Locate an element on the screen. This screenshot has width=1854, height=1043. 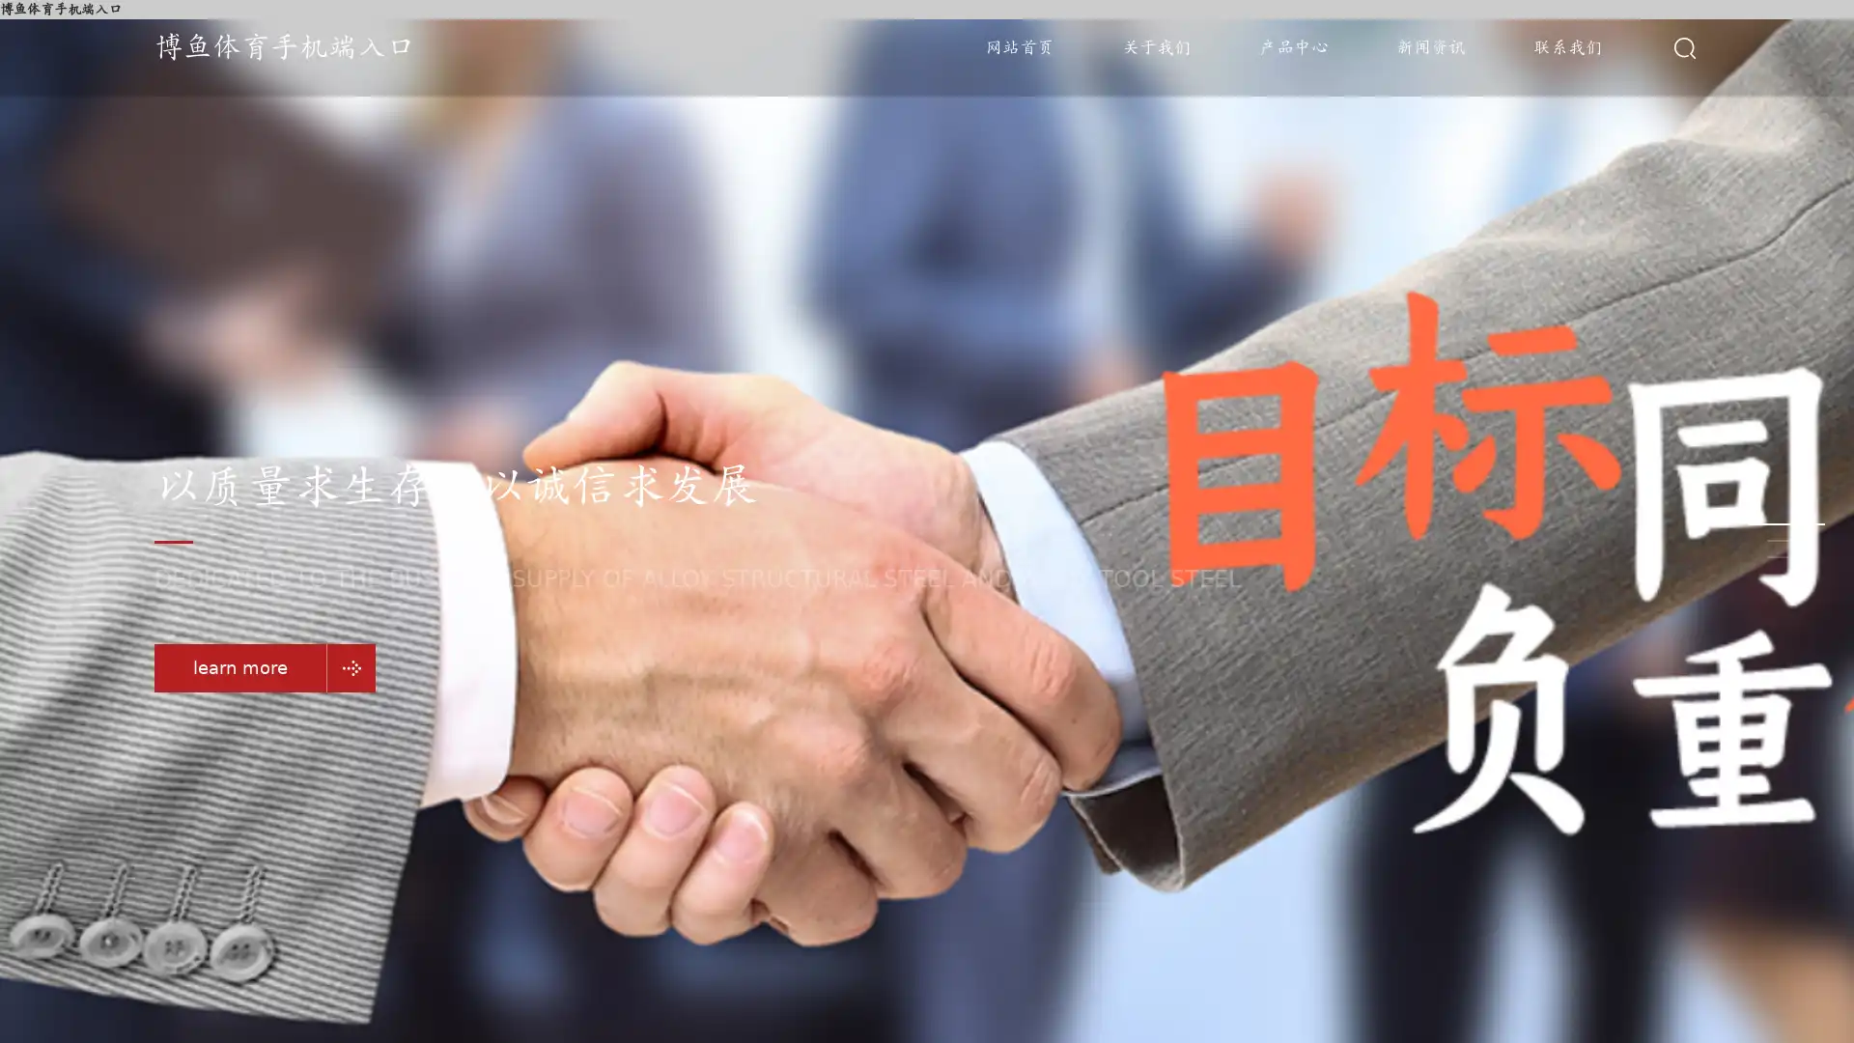
Go to slide 3 is located at coordinates (1784, 557).